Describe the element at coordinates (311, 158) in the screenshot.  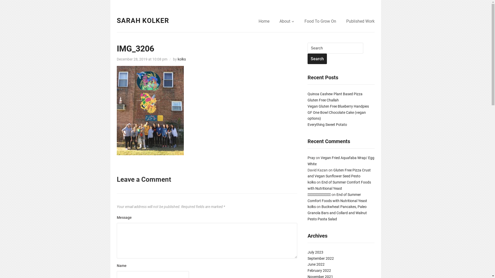
I see `'Pray'` at that location.